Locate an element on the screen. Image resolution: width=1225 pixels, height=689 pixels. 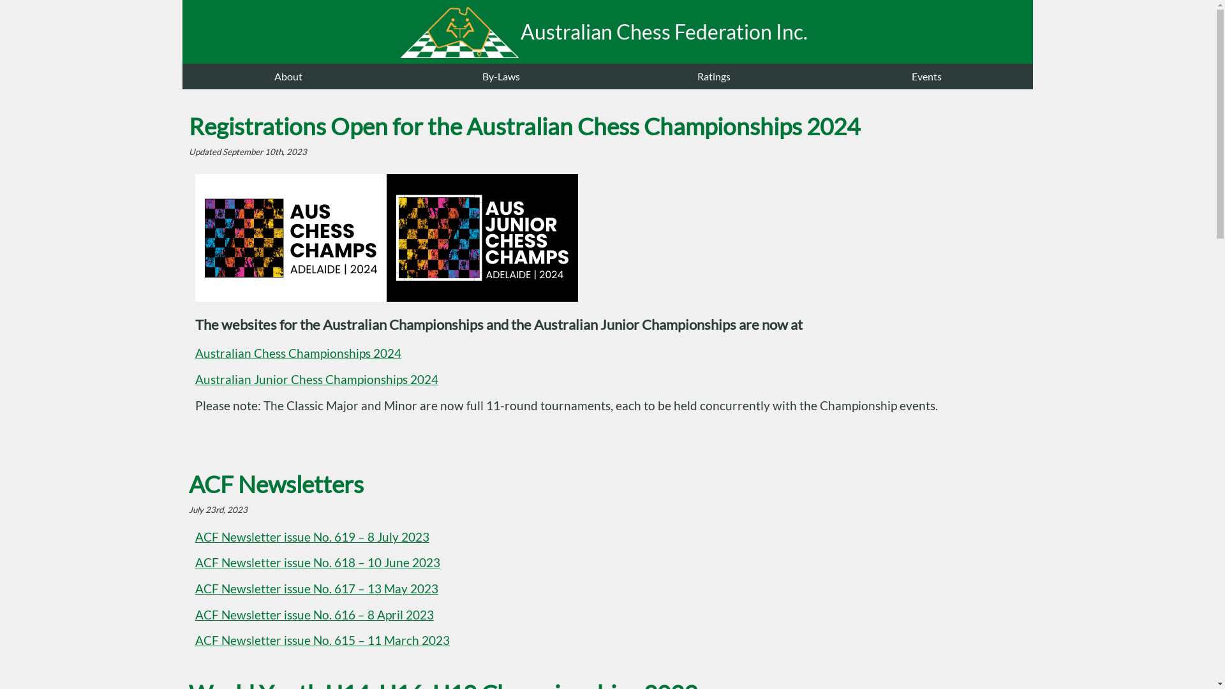
'ACF Newsletters' is located at coordinates (275, 484).